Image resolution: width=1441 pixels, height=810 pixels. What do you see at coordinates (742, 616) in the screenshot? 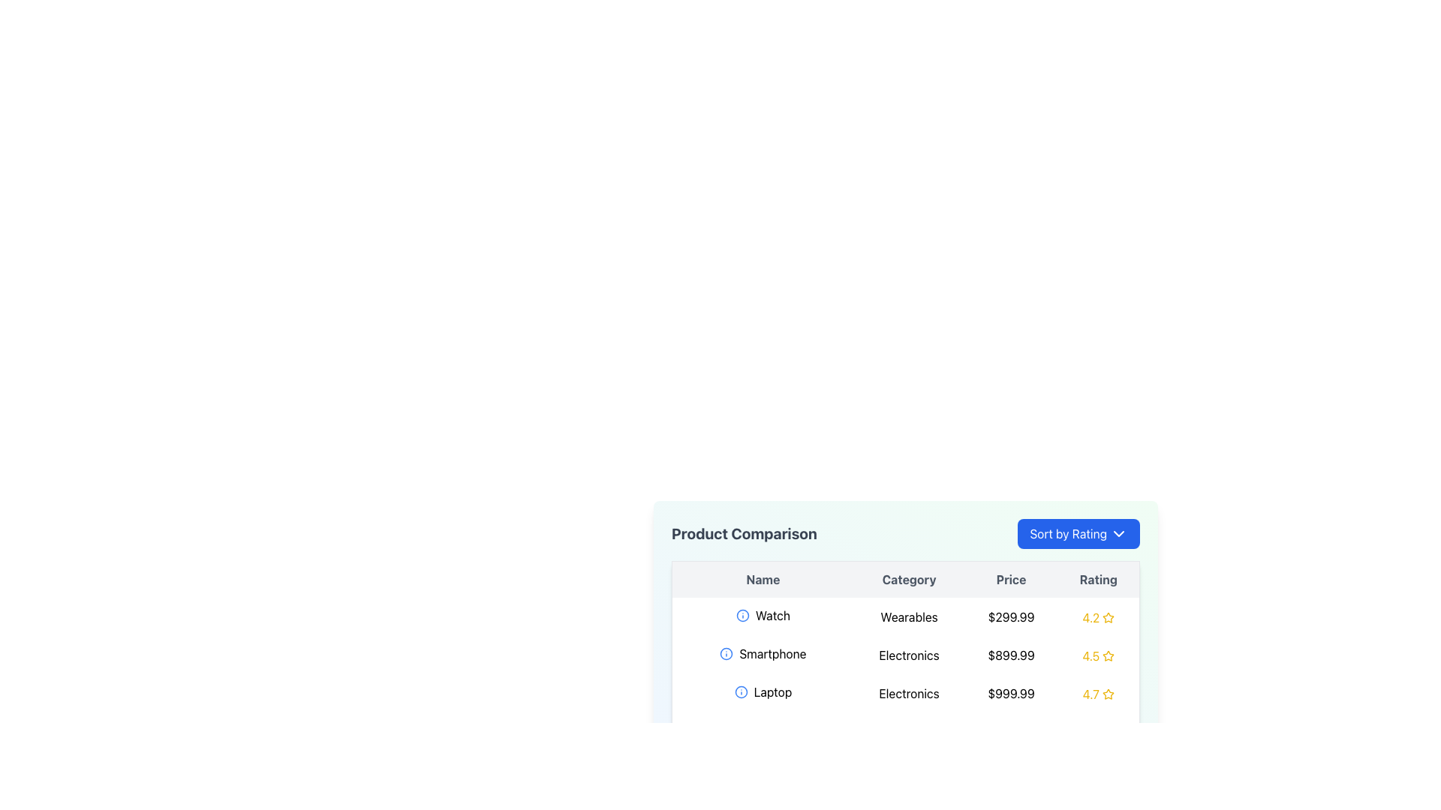
I see `the informational icon located to the left of the text 'Watch' in the 'Name' column of the table` at bounding box center [742, 616].